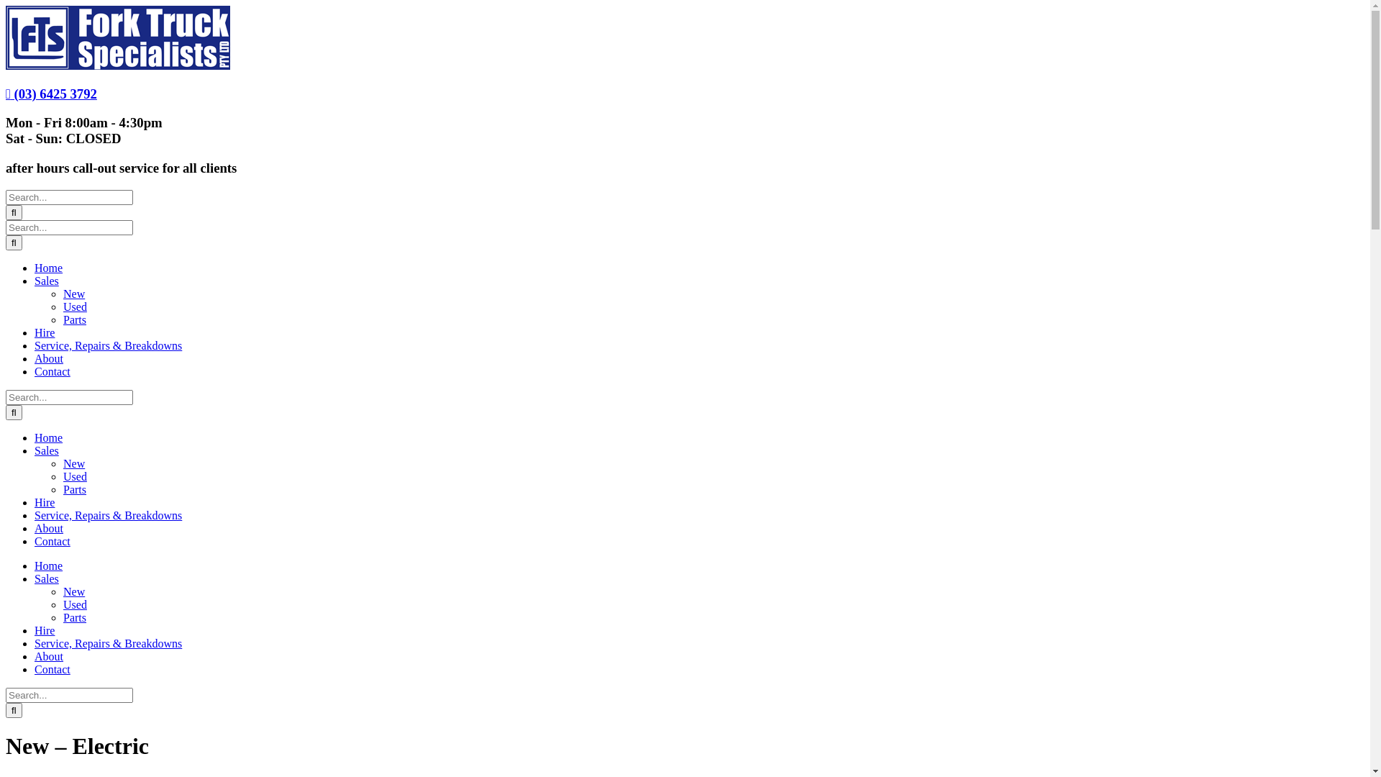 This screenshot has width=1381, height=777. Describe the element at coordinates (47, 281) in the screenshot. I see `'Sales'` at that location.